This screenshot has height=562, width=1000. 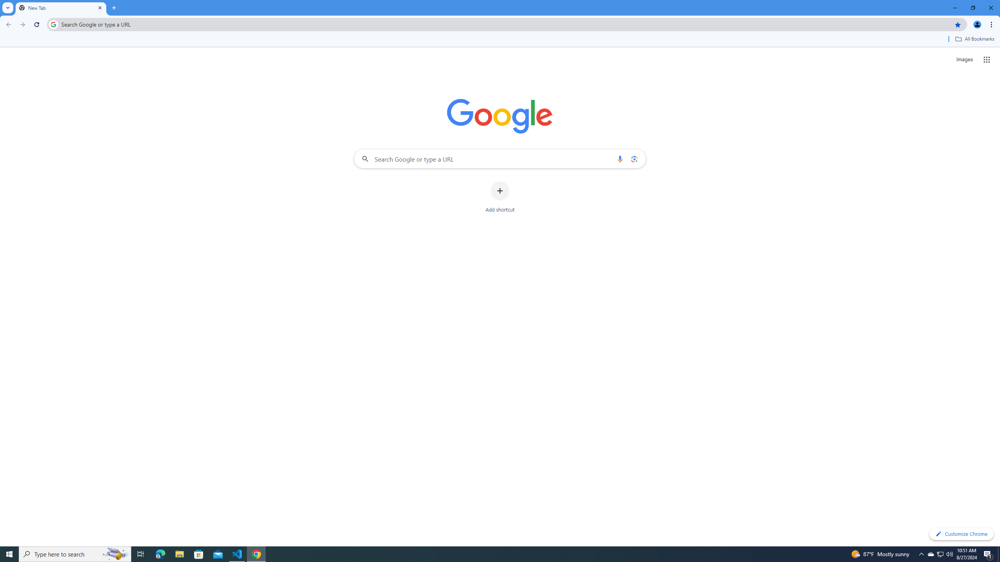 What do you see at coordinates (500, 197) in the screenshot?
I see `'Add shortcut'` at bounding box center [500, 197].